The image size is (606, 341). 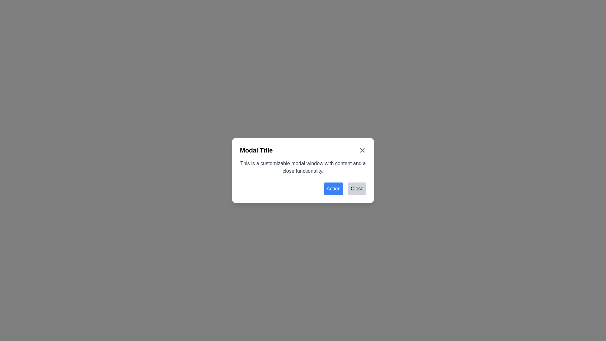 I want to click on the close button marked by an 'X' in the top-right corner of the modal header, so click(x=362, y=150).